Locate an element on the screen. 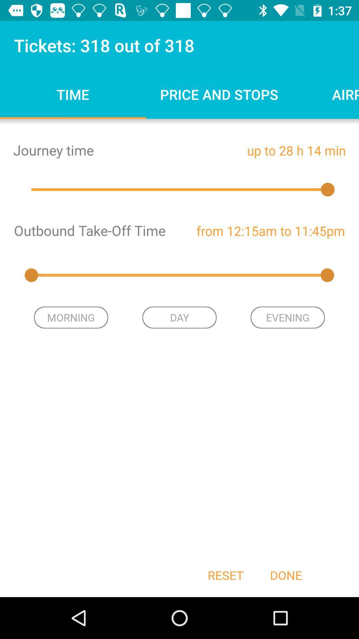  the evening is located at coordinates (287, 317).